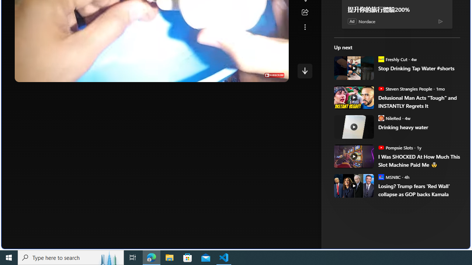  What do you see at coordinates (392, 59) in the screenshot?
I see `'Freshly Cut Freshly Cut'` at bounding box center [392, 59].